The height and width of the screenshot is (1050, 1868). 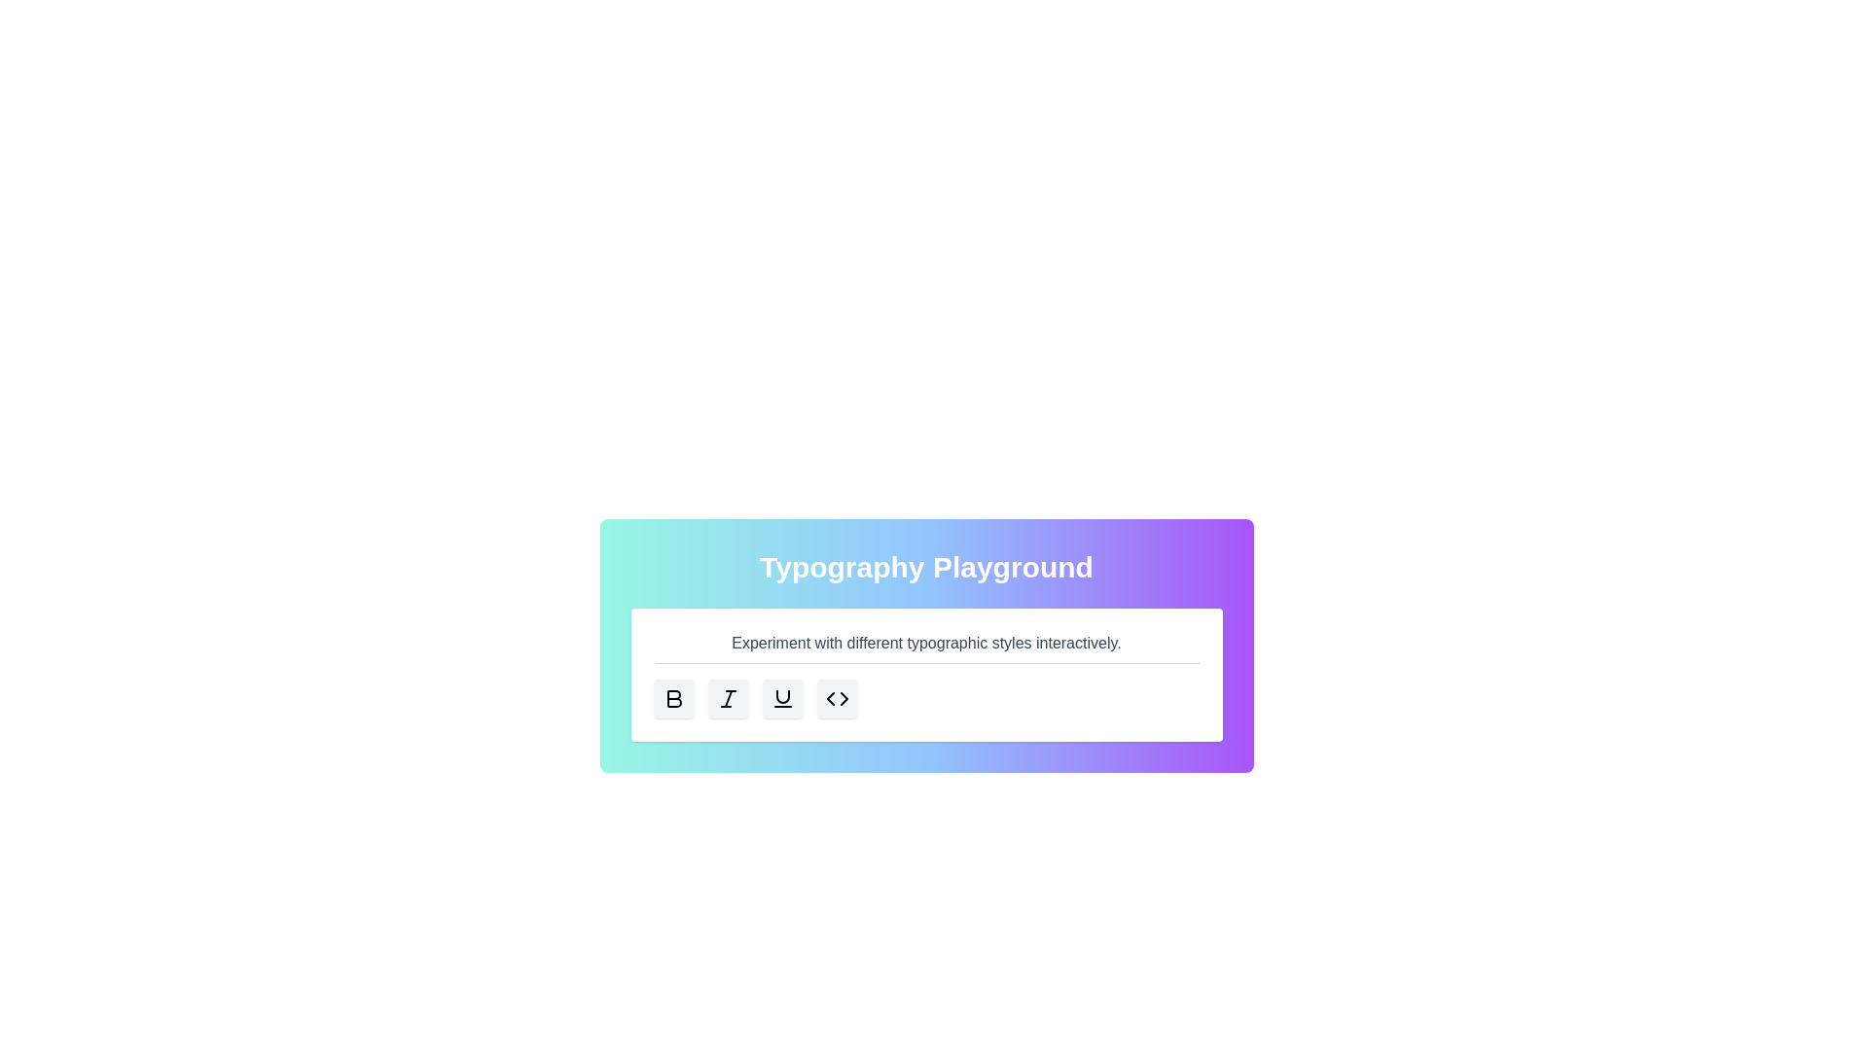 What do you see at coordinates (673, 697) in the screenshot?
I see `the bold styling tool icon located in the leftmost position of the toolbar beneath the 'Experiment with different typographic styles interactively' label to trigger hover effects` at bounding box center [673, 697].